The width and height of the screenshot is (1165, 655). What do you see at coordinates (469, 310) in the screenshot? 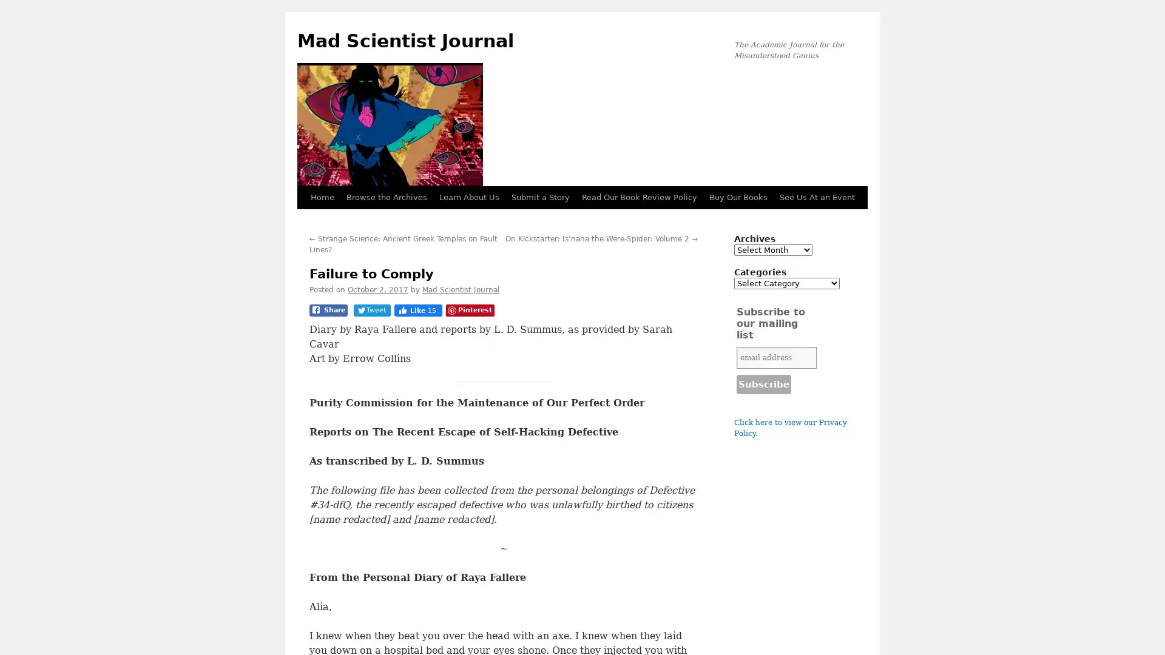
I see `Pinterest` at bounding box center [469, 310].